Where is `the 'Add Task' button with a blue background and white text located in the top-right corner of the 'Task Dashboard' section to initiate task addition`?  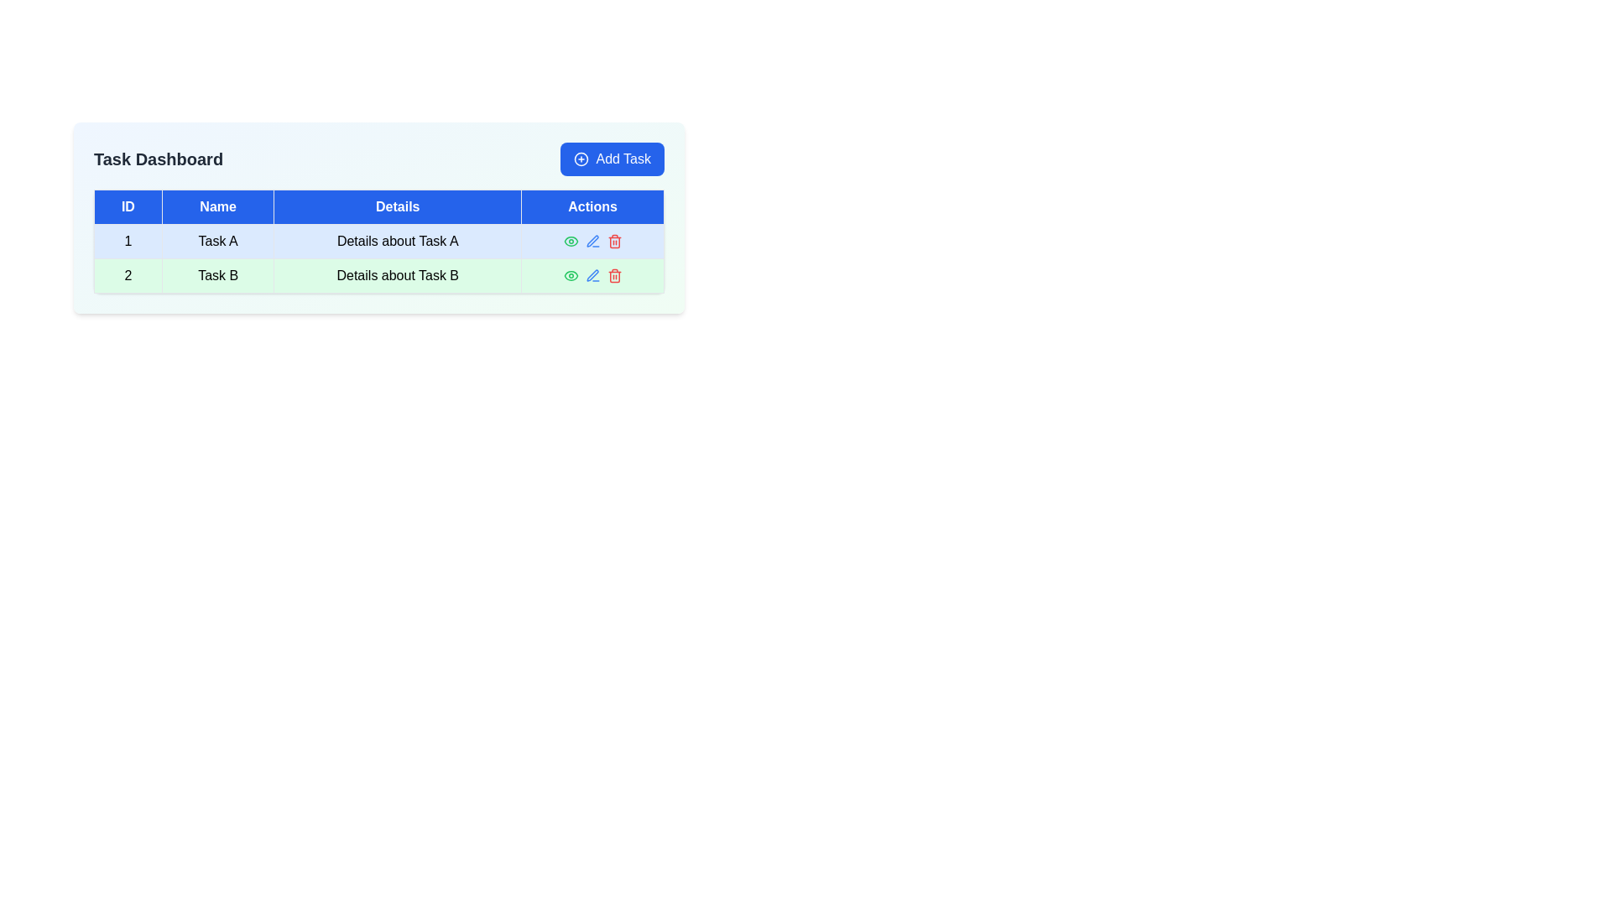 the 'Add Task' button with a blue background and white text located in the top-right corner of the 'Task Dashboard' section to initiate task addition is located at coordinates (612, 159).